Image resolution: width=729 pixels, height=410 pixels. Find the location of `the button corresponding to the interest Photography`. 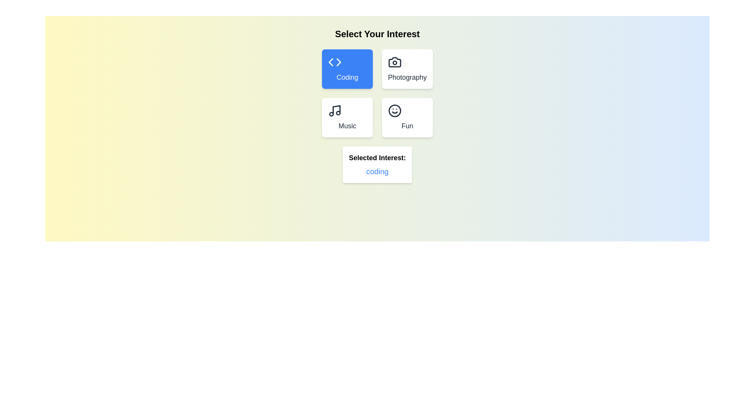

the button corresponding to the interest Photography is located at coordinates (407, 69).